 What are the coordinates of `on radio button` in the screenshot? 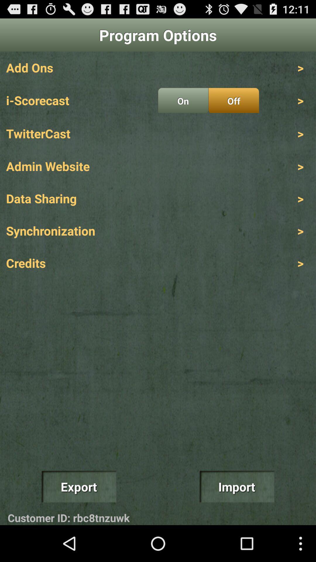 It's located at (183, 100).